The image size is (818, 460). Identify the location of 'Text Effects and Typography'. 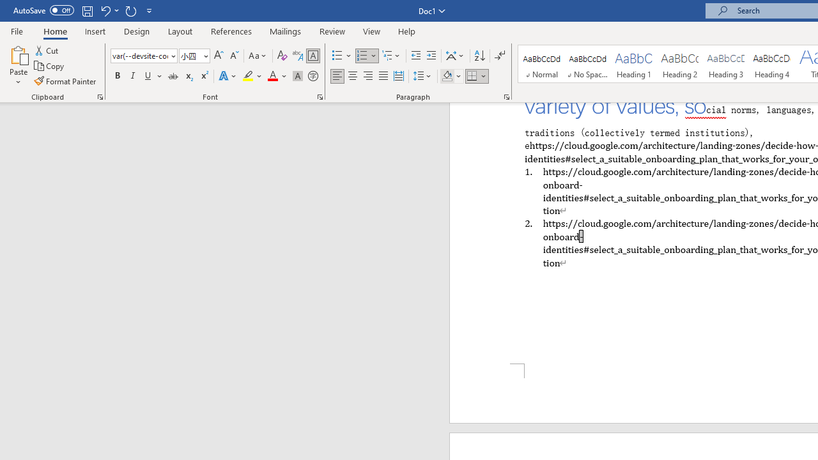
(228, 76).